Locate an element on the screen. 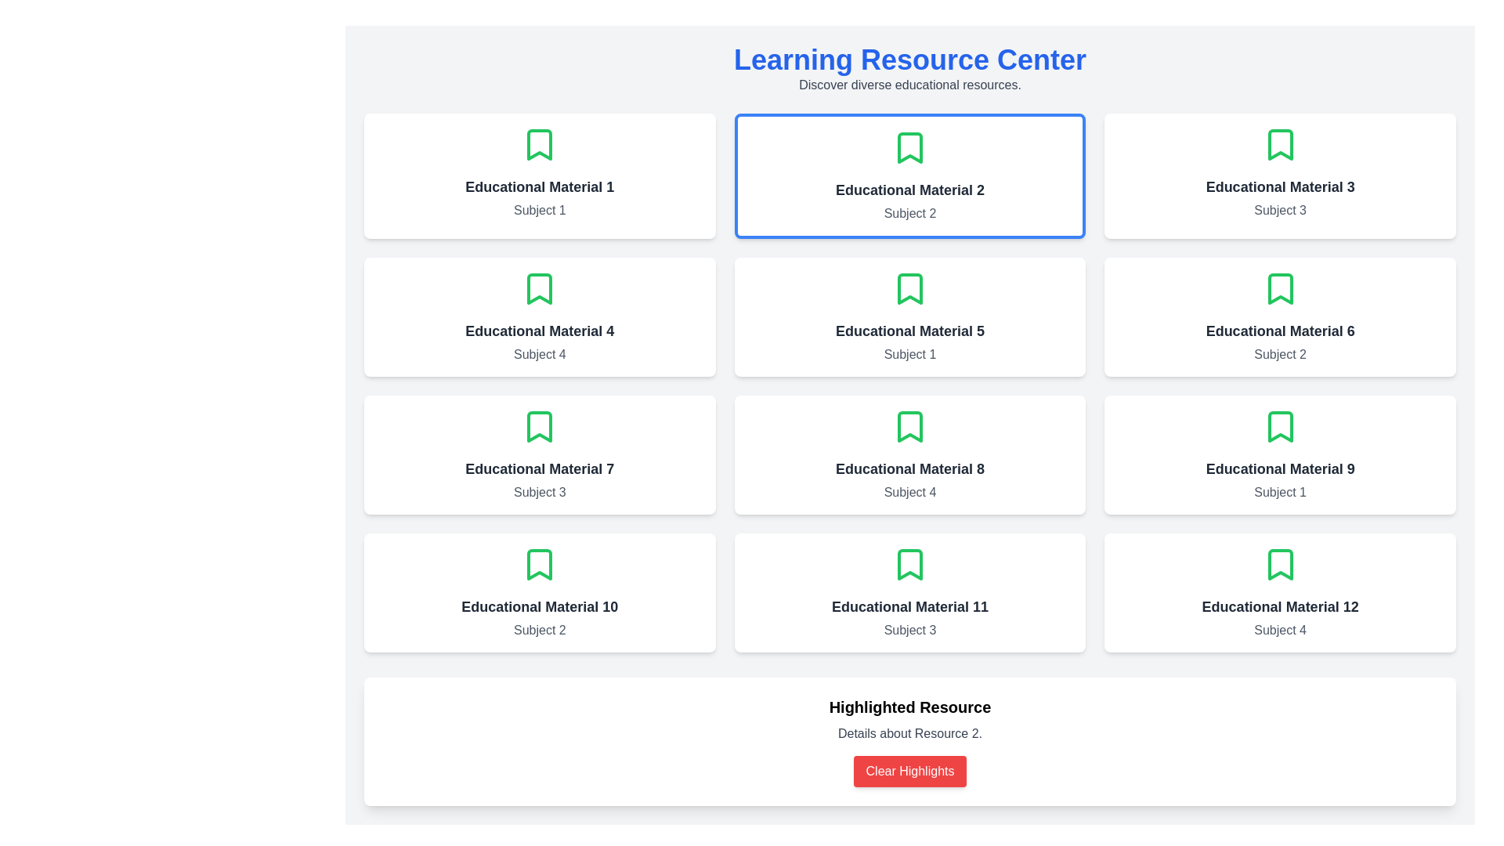  the static text label that provides the title or name of a resource or educational material located in the top-left corner of the card component is located at coordinates (540, 186).